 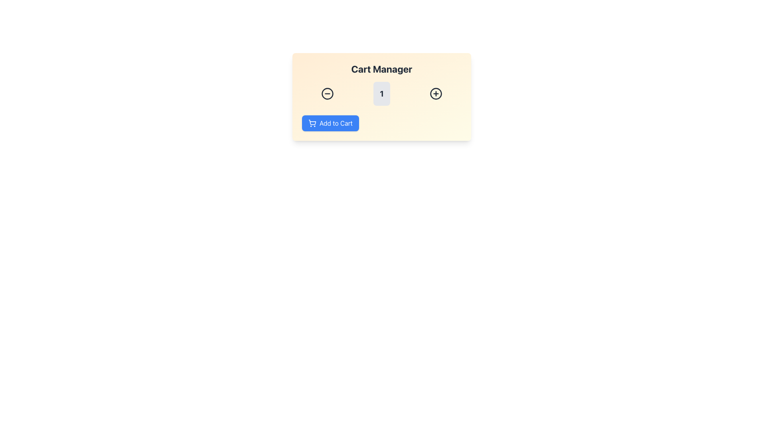 What do you see at coordinates (436, 93) in the screenshot?
I see `the increment button located in the rightmost portion of a horizontal layout of controls to increase the specific value` at bounding box center [436, 93].